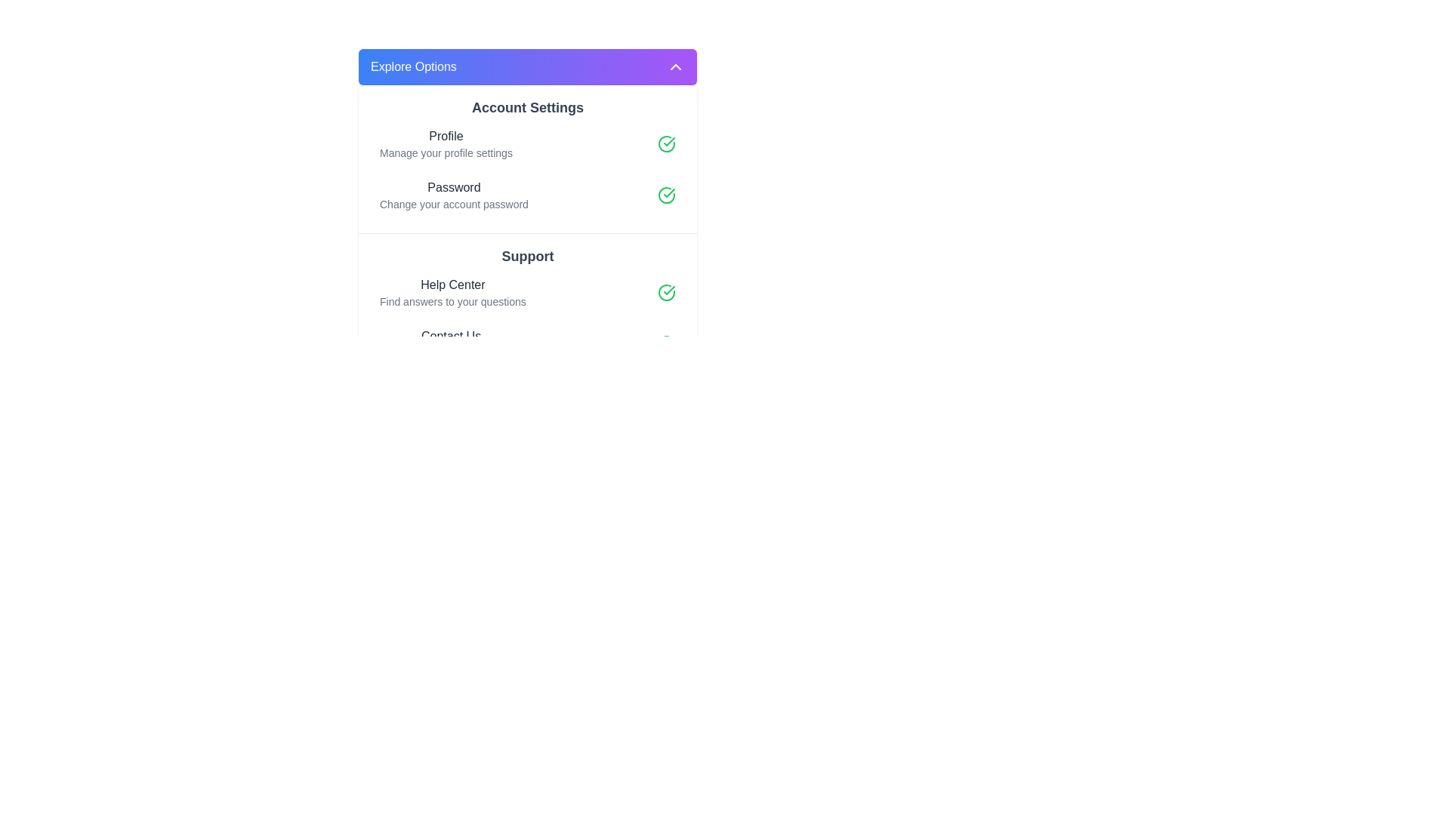 Image resolution: width=1450 pixels, height=815 pixels. Describe the element at coordinates (452, 285) in the screenshot. I see `the static text label titled 'Support', which serves as a heading for help-related resources and is positioned above the description text 'Find answers to your questions'` at that location.